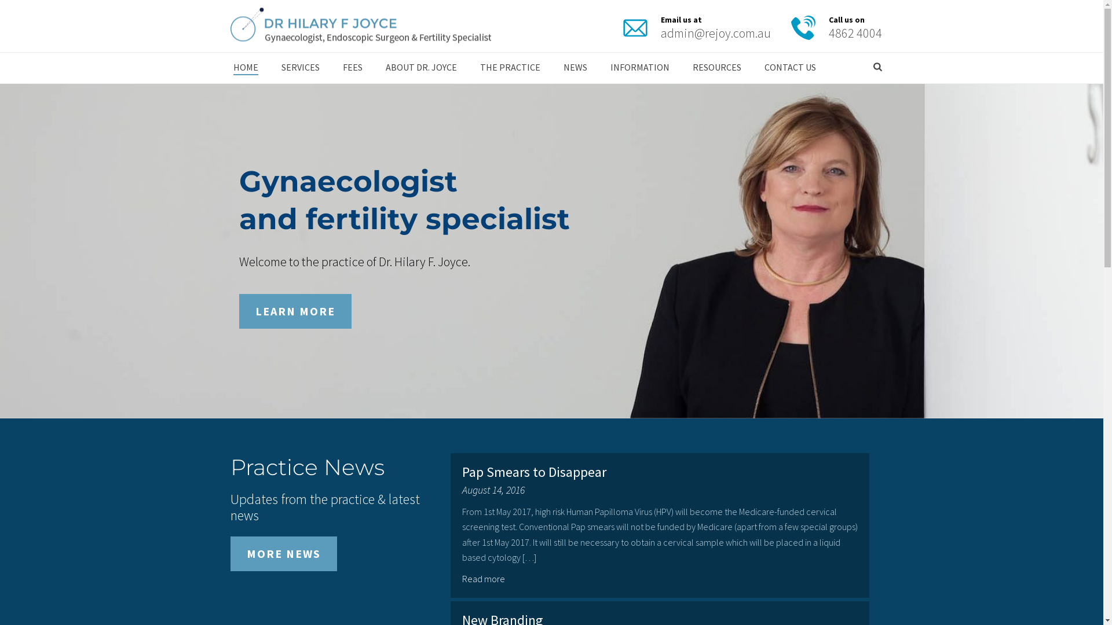 The height and width of the screenshot is (625, 1112). What do you see at coordinates (352, 68) in the screenshot?
I see `'FEES'` at bounding box center [352, 68].